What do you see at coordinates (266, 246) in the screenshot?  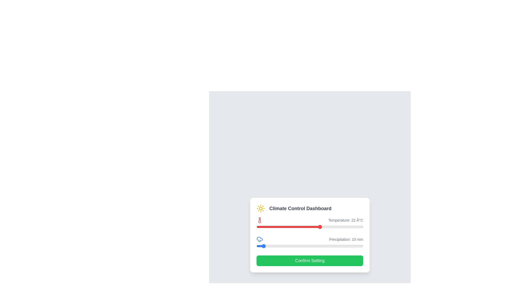 I see `the precipitation slider to 17 mm` at bounding box center [266, 246].